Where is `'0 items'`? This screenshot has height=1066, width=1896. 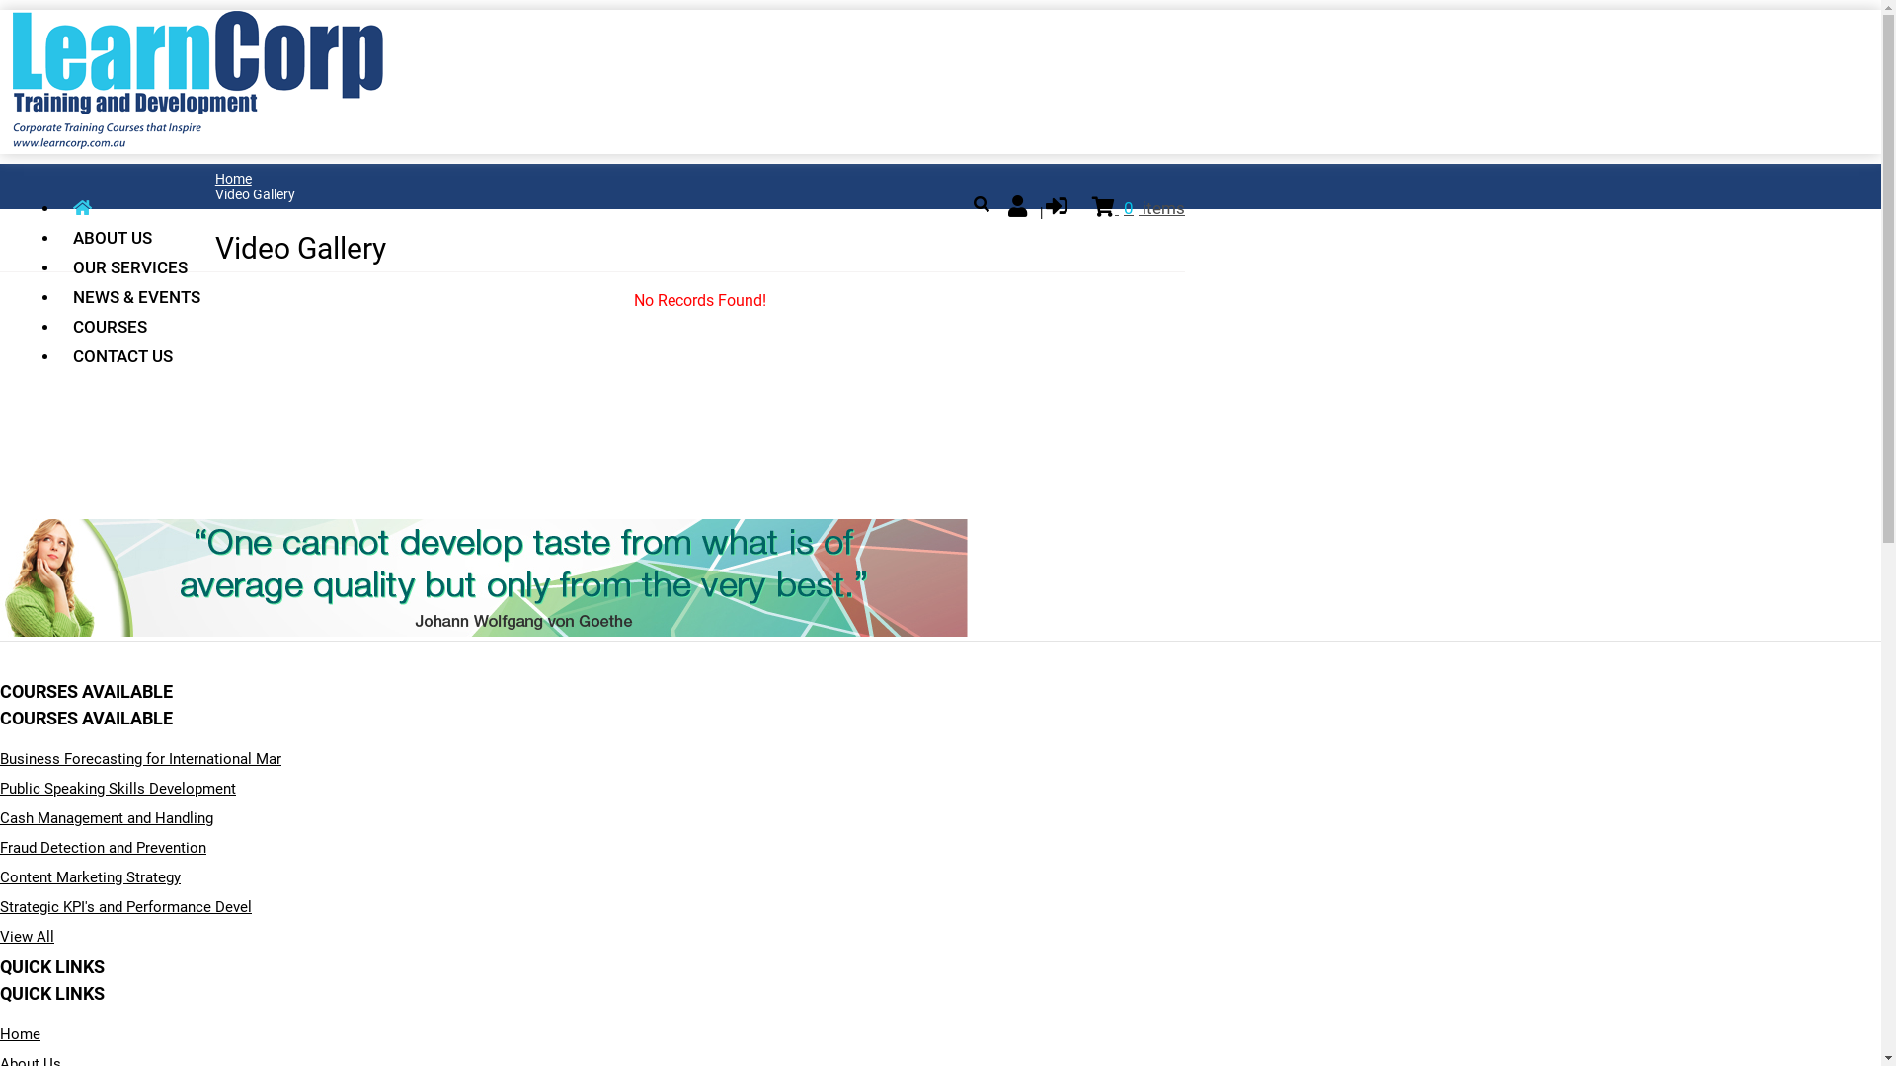
'0 items' is located at coordinates (1138, 208).